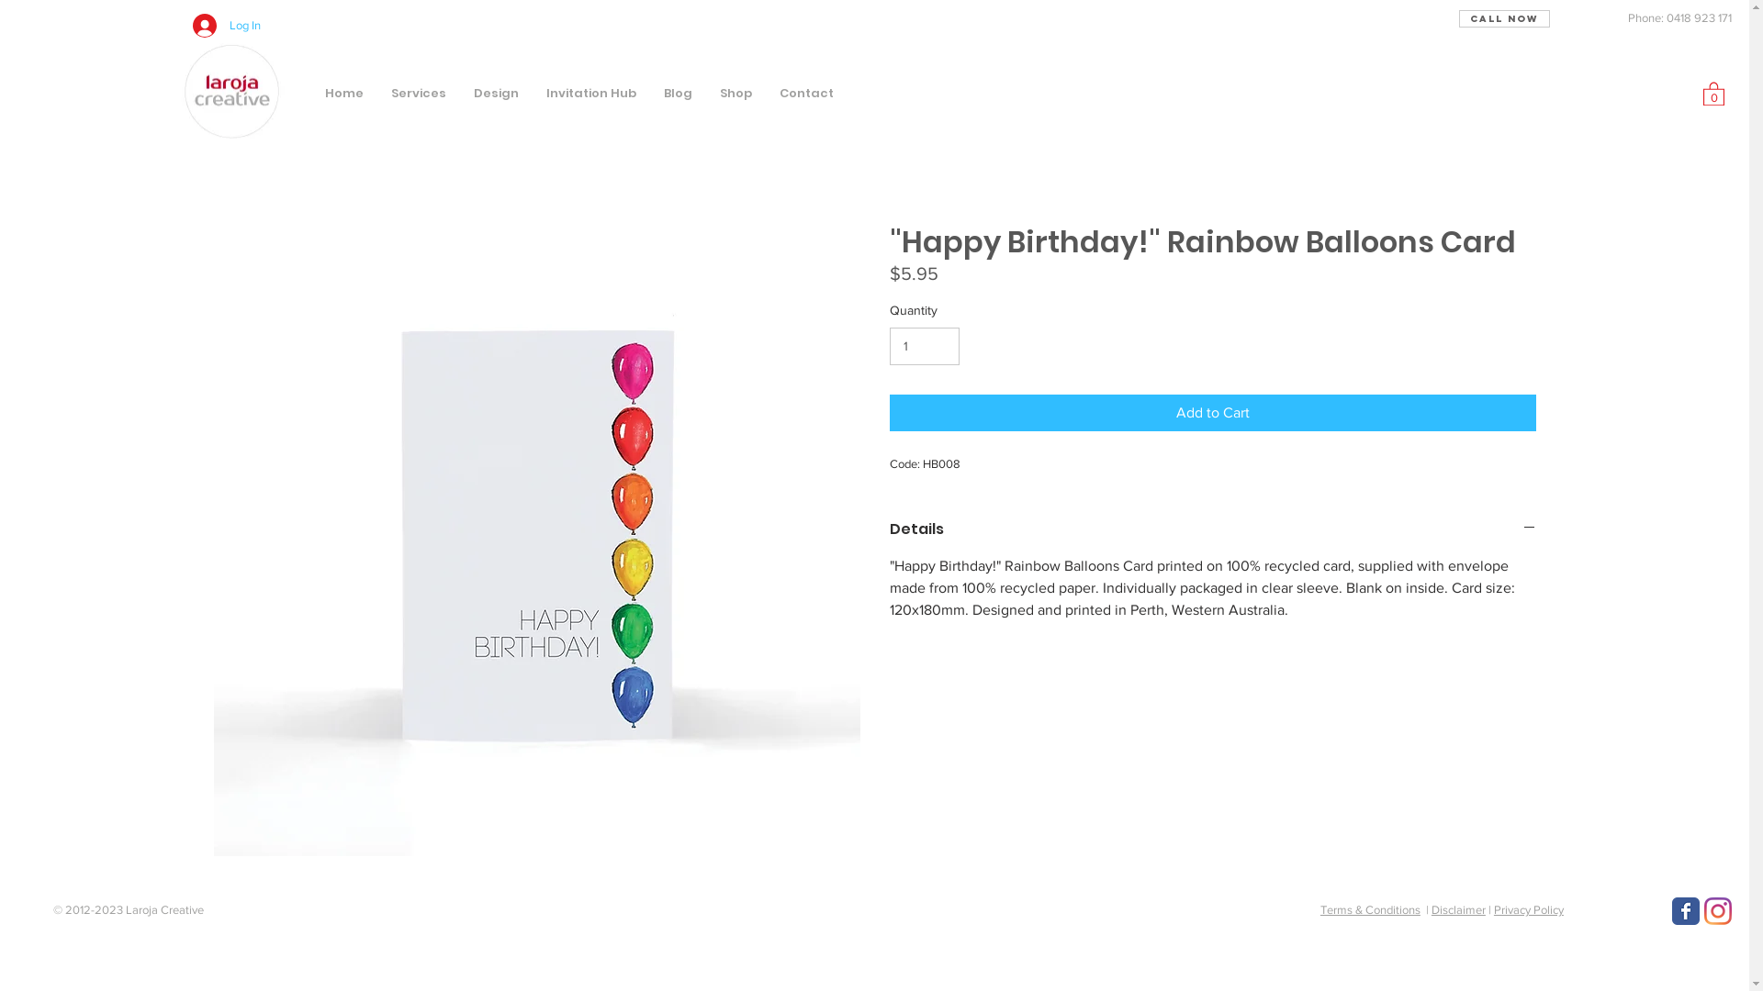  What do you see at coordinates (343, 92) in the screenshot?
I see `'Home'` at bounding box center [343, 92].